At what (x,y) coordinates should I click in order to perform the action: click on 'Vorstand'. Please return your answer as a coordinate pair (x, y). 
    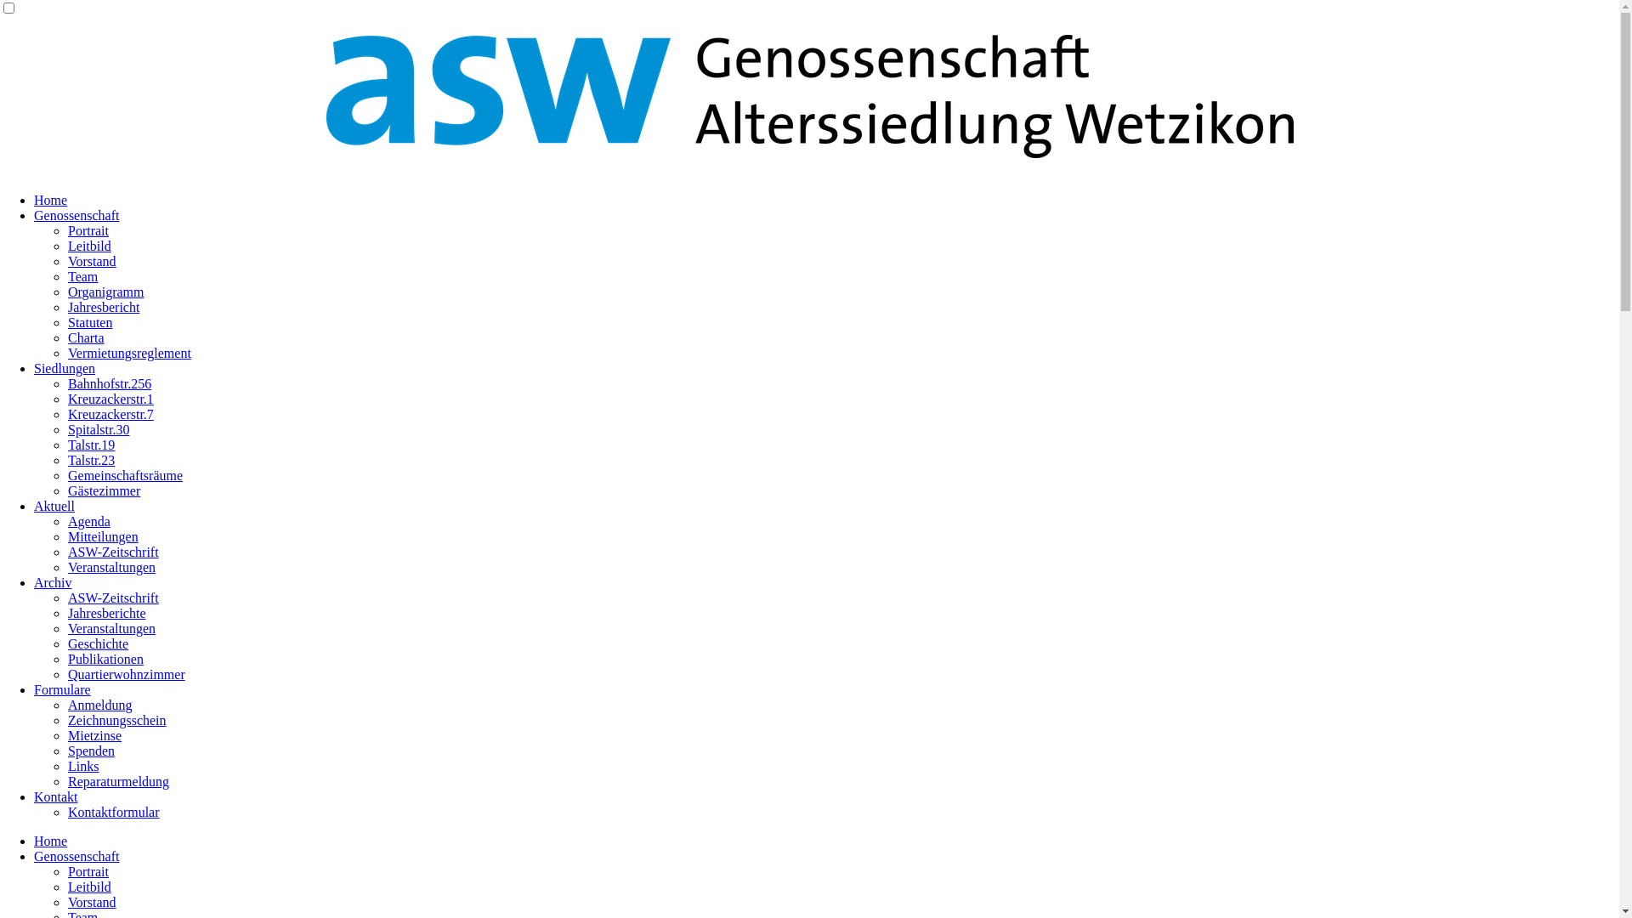
    Looking at the image, I should click on (91, 901).